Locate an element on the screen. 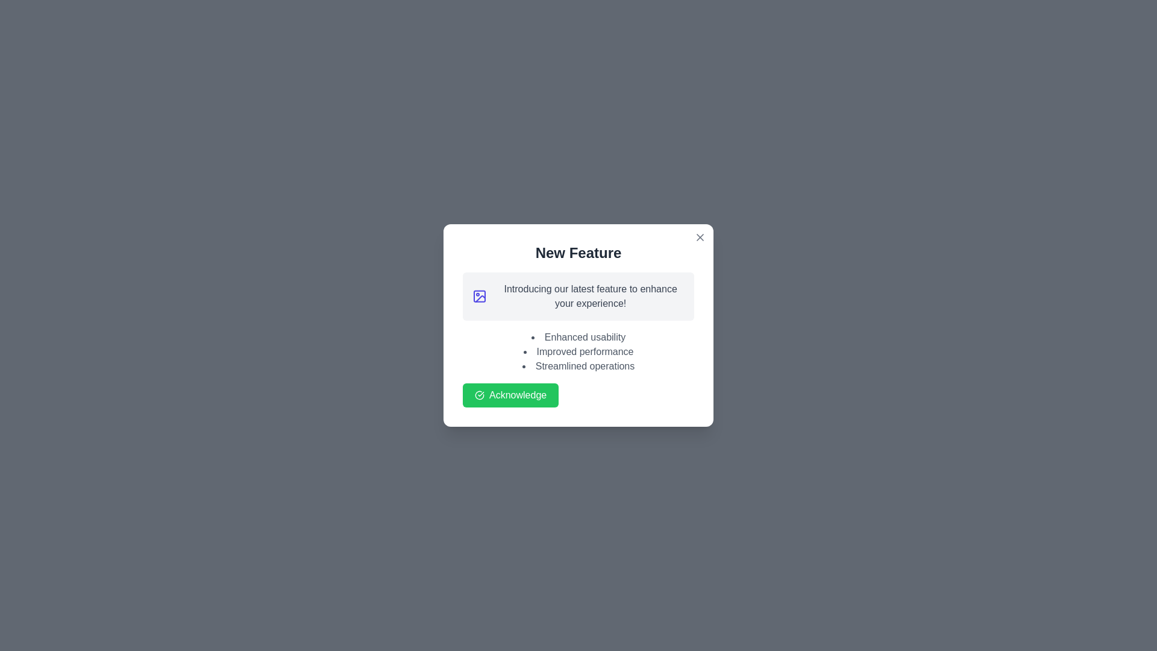 This screenshot has height=651, width=1157. the 'X' close button icon located at the top-right corner of the modal dialog is located at coordinates (700, 237).